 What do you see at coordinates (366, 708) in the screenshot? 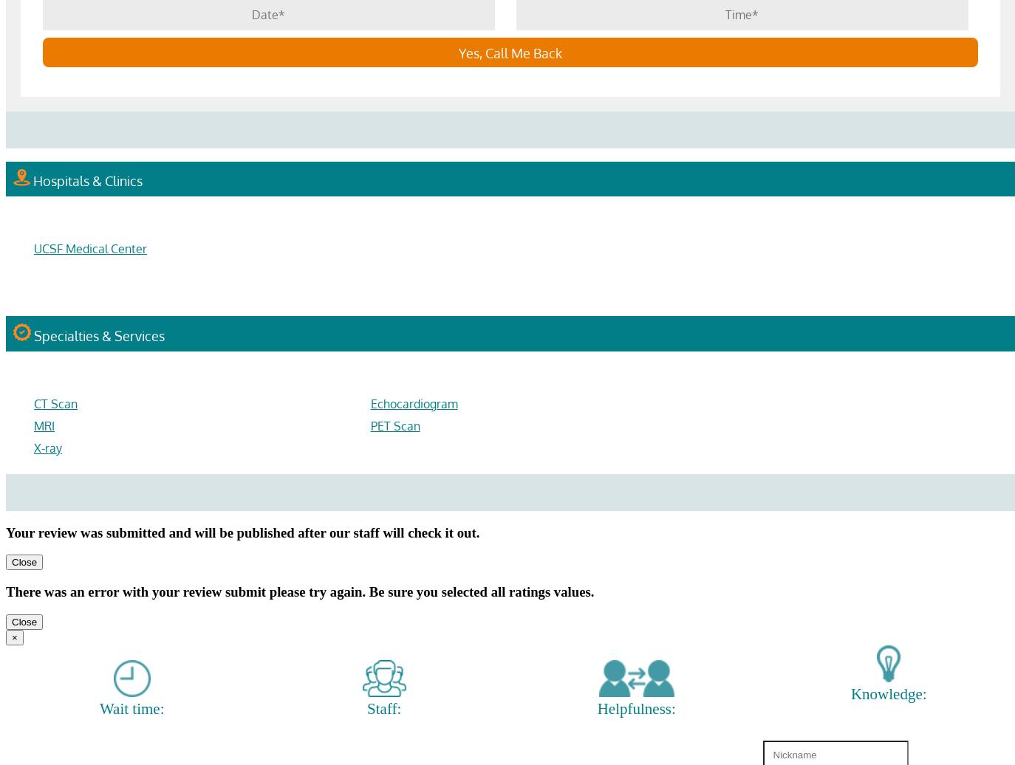
I see `'Staff:'` at bounding box center [366, 708].